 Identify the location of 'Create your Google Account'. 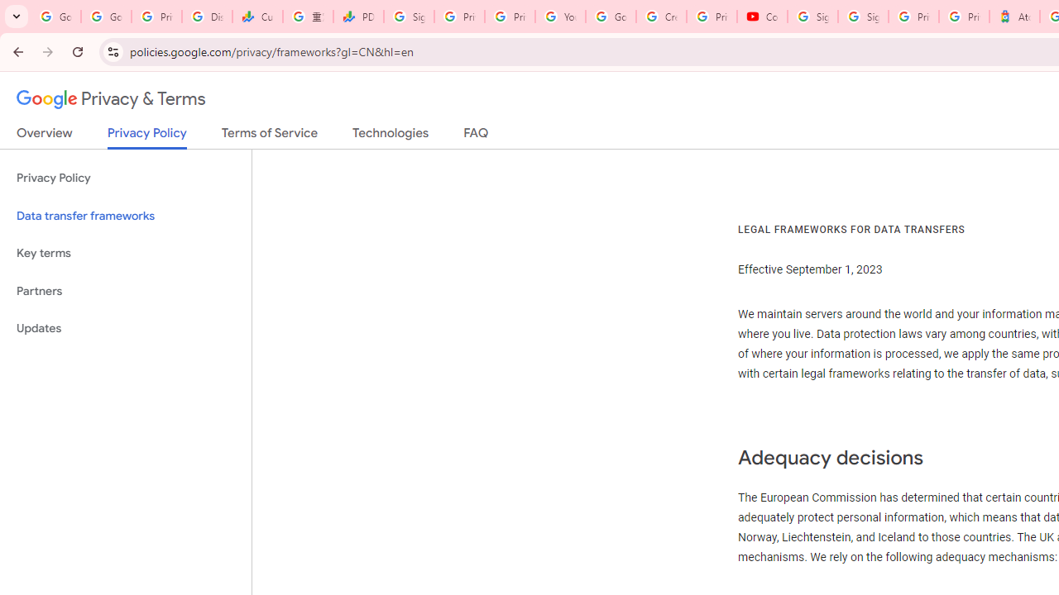
(660, 17).